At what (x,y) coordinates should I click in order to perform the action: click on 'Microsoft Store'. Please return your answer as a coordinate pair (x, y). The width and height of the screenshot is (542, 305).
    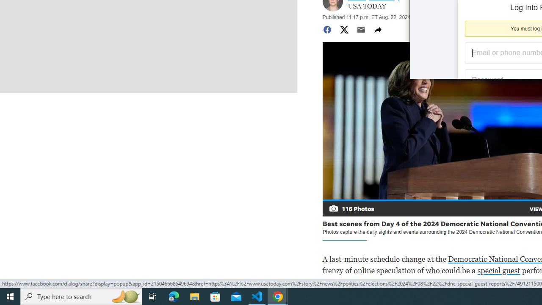
    Looking at the image, I should click on (216, 296).